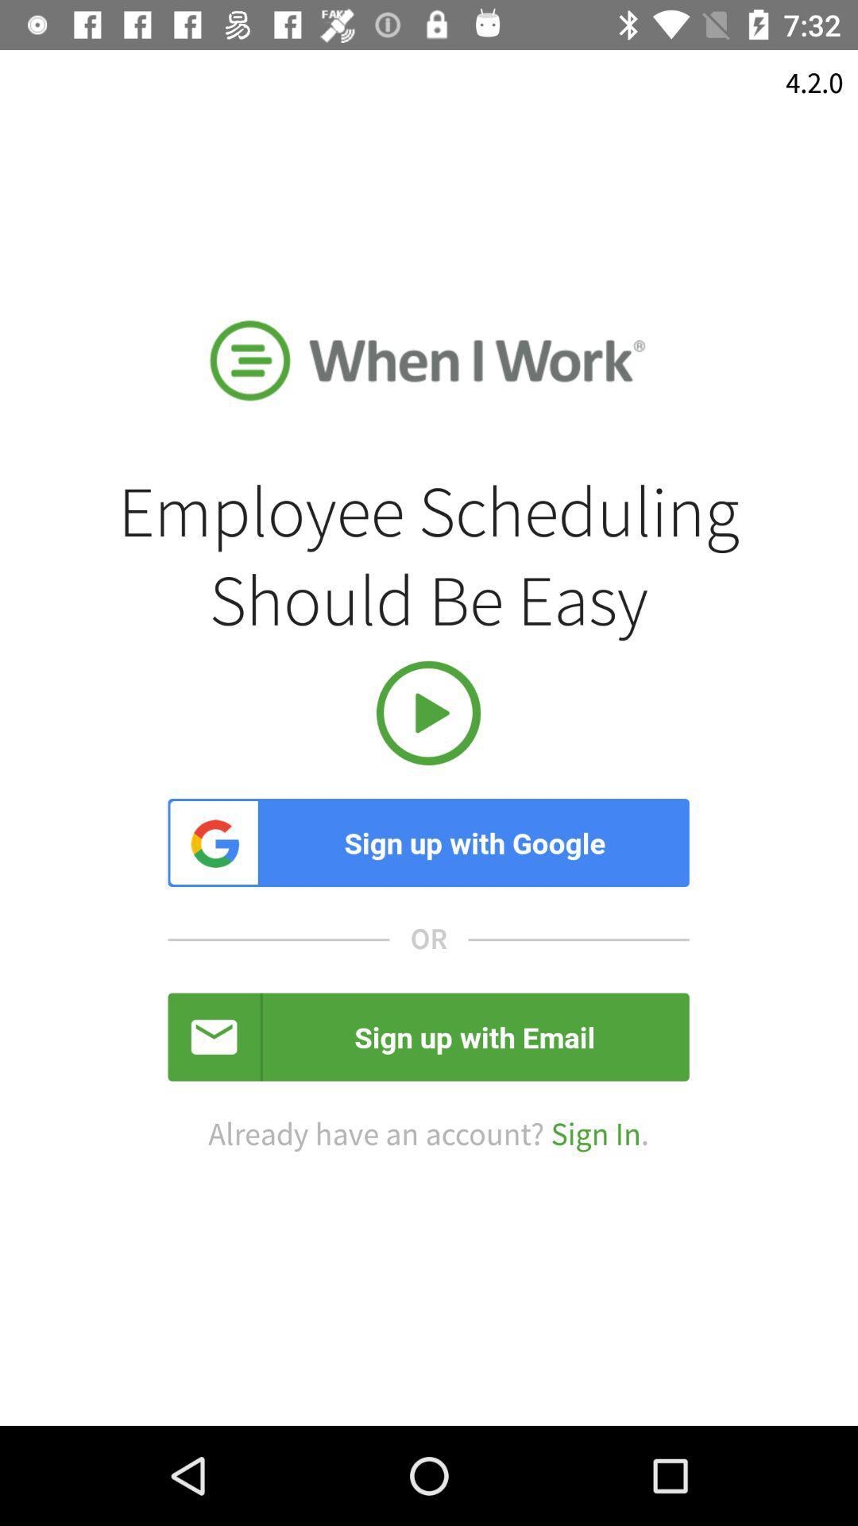 This screenshot has width=858, height=1526. I want to click on the icon at the top right corner, so click(814, 83).